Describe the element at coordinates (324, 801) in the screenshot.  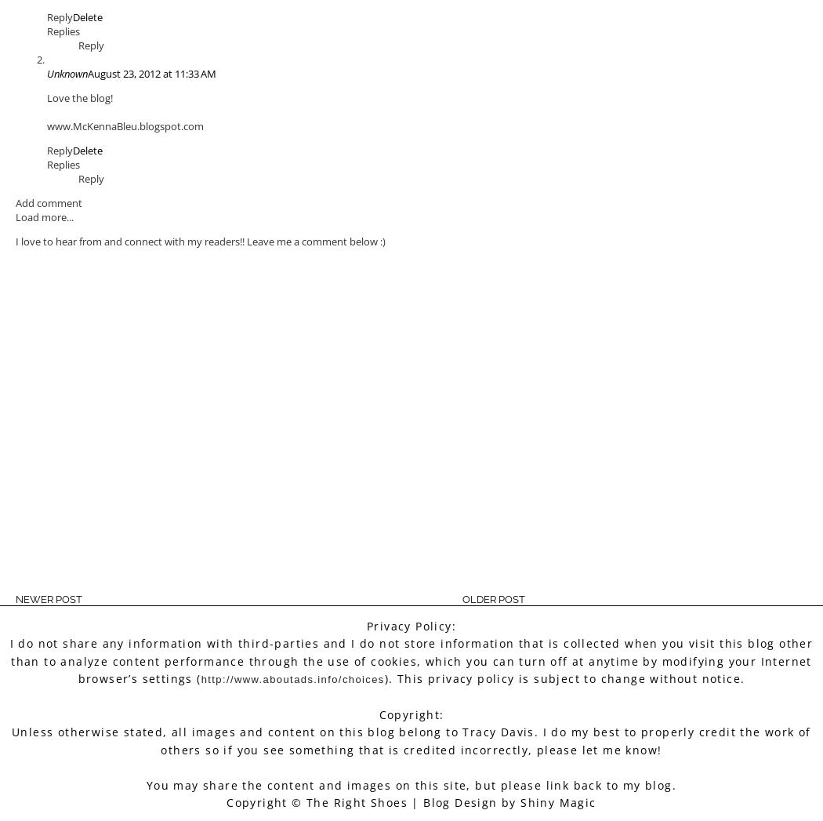
I see `'Copyright © The Right Shoes |'` at that location.